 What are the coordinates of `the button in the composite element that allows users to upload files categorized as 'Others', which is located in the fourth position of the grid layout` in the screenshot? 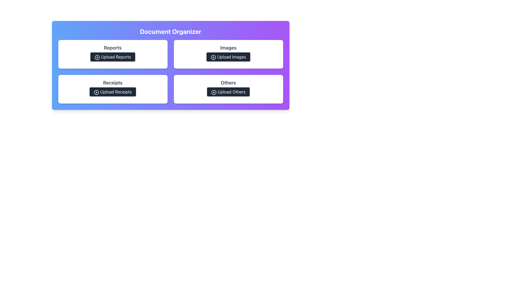 It's located at (228, 89).